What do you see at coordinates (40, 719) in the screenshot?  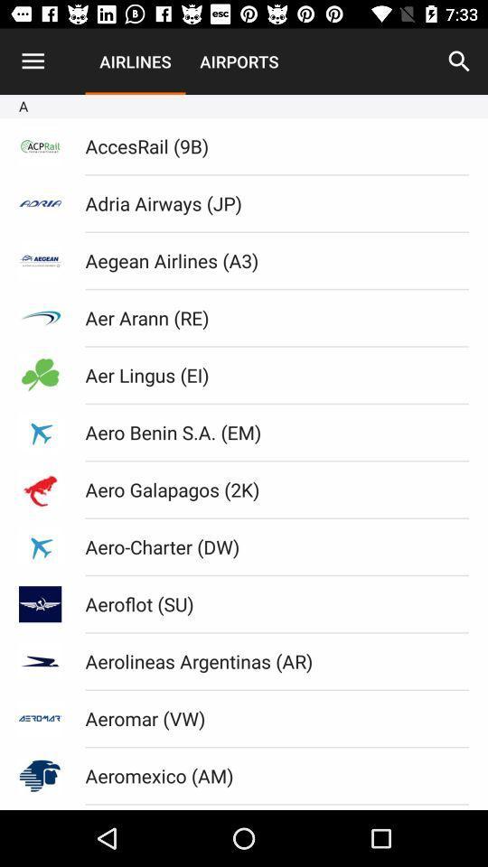 I see `the logo which is right side to aeromar vw` at bounding box center [40, 719].